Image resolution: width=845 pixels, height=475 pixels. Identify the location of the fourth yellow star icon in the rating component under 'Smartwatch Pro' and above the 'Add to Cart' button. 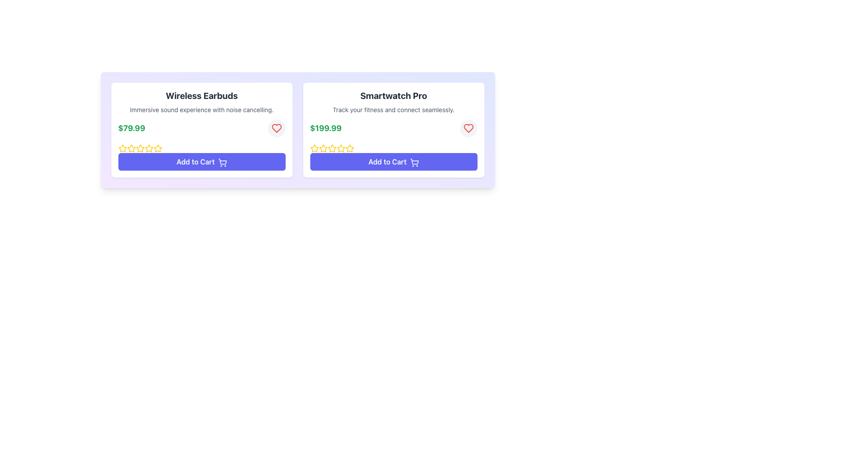
(331, 148).